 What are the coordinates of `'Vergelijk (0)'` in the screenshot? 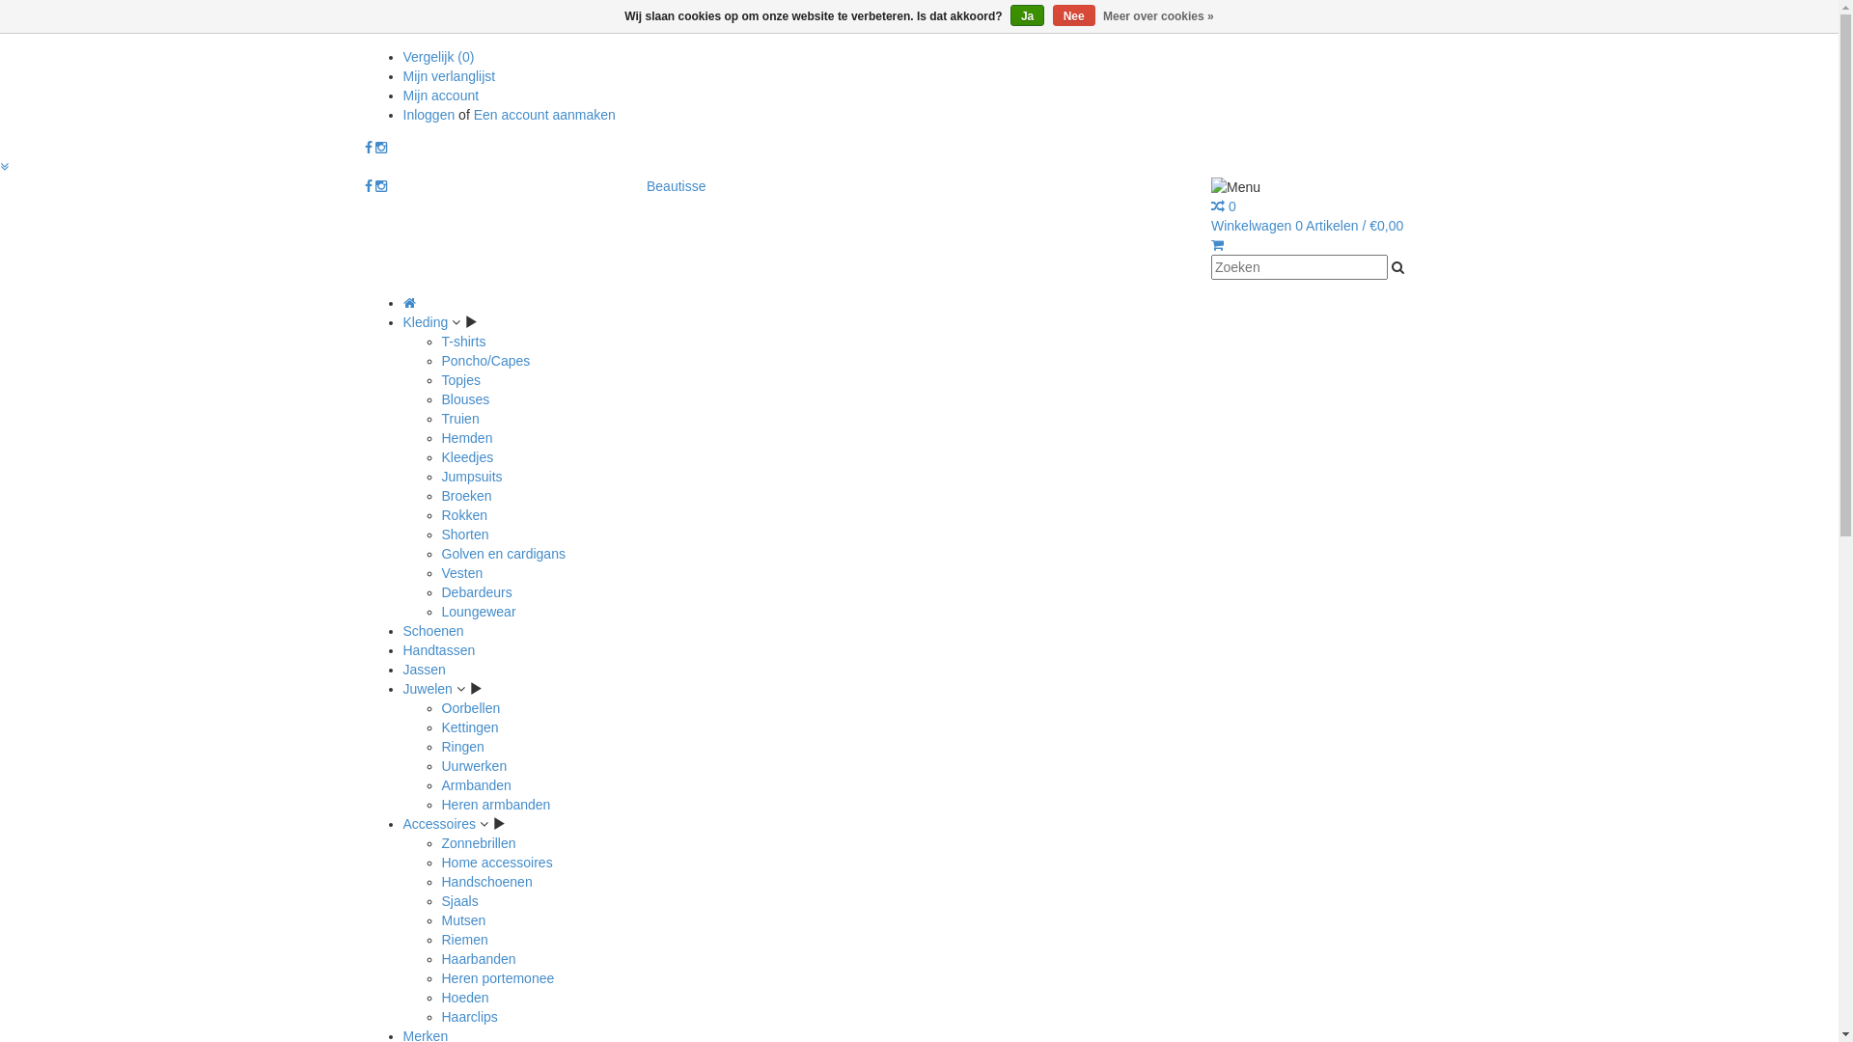 It's located at (438, 55).